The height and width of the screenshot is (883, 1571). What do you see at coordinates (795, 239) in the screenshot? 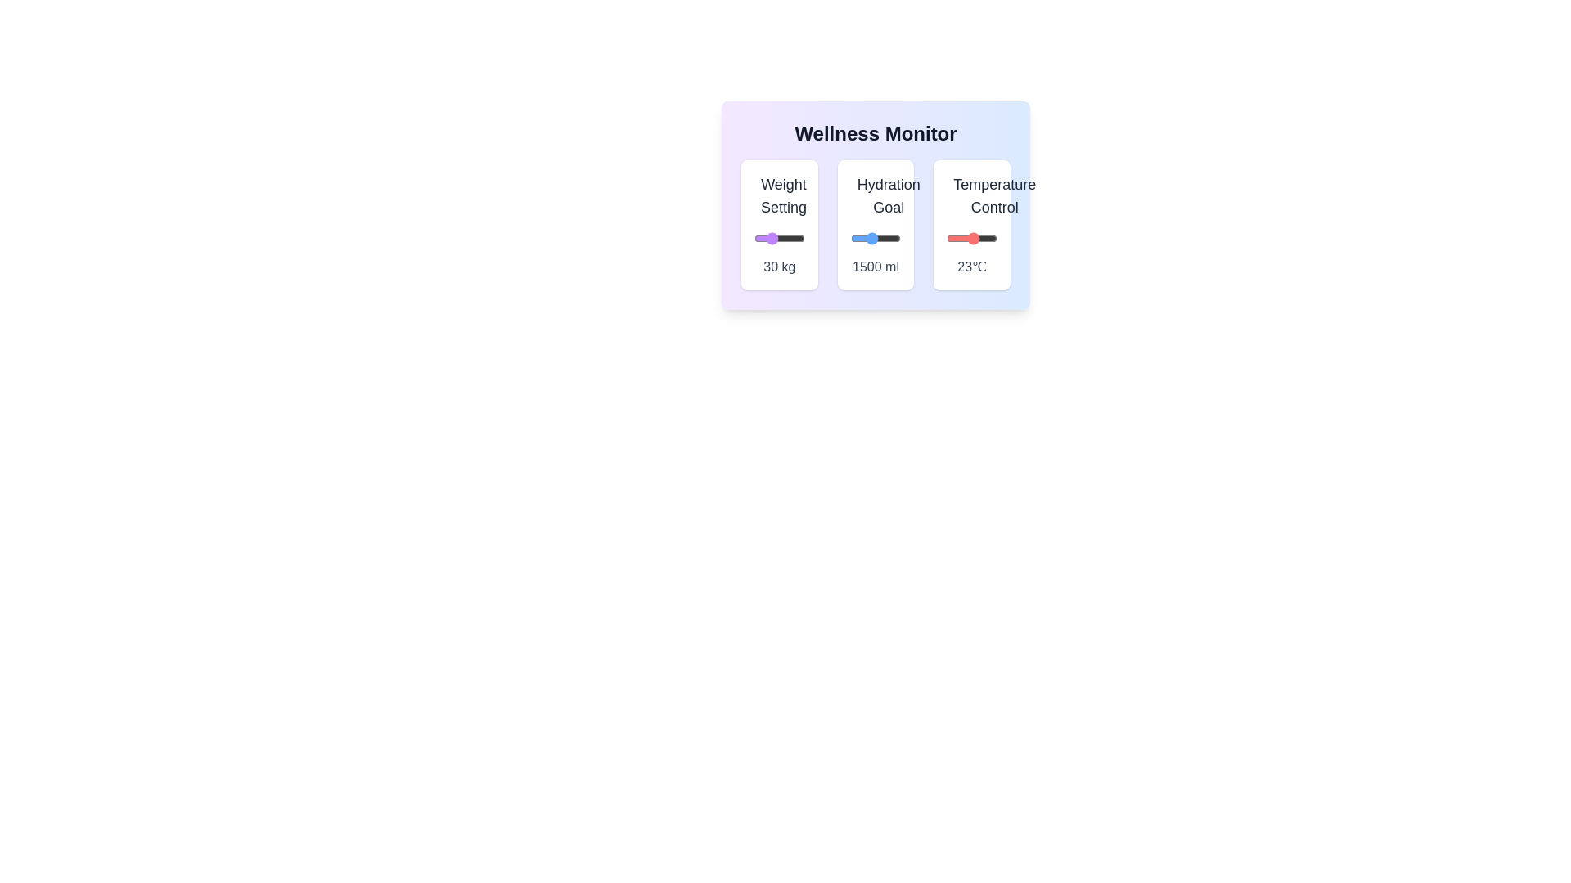
I see `weight` at bounding box center [795, 239].